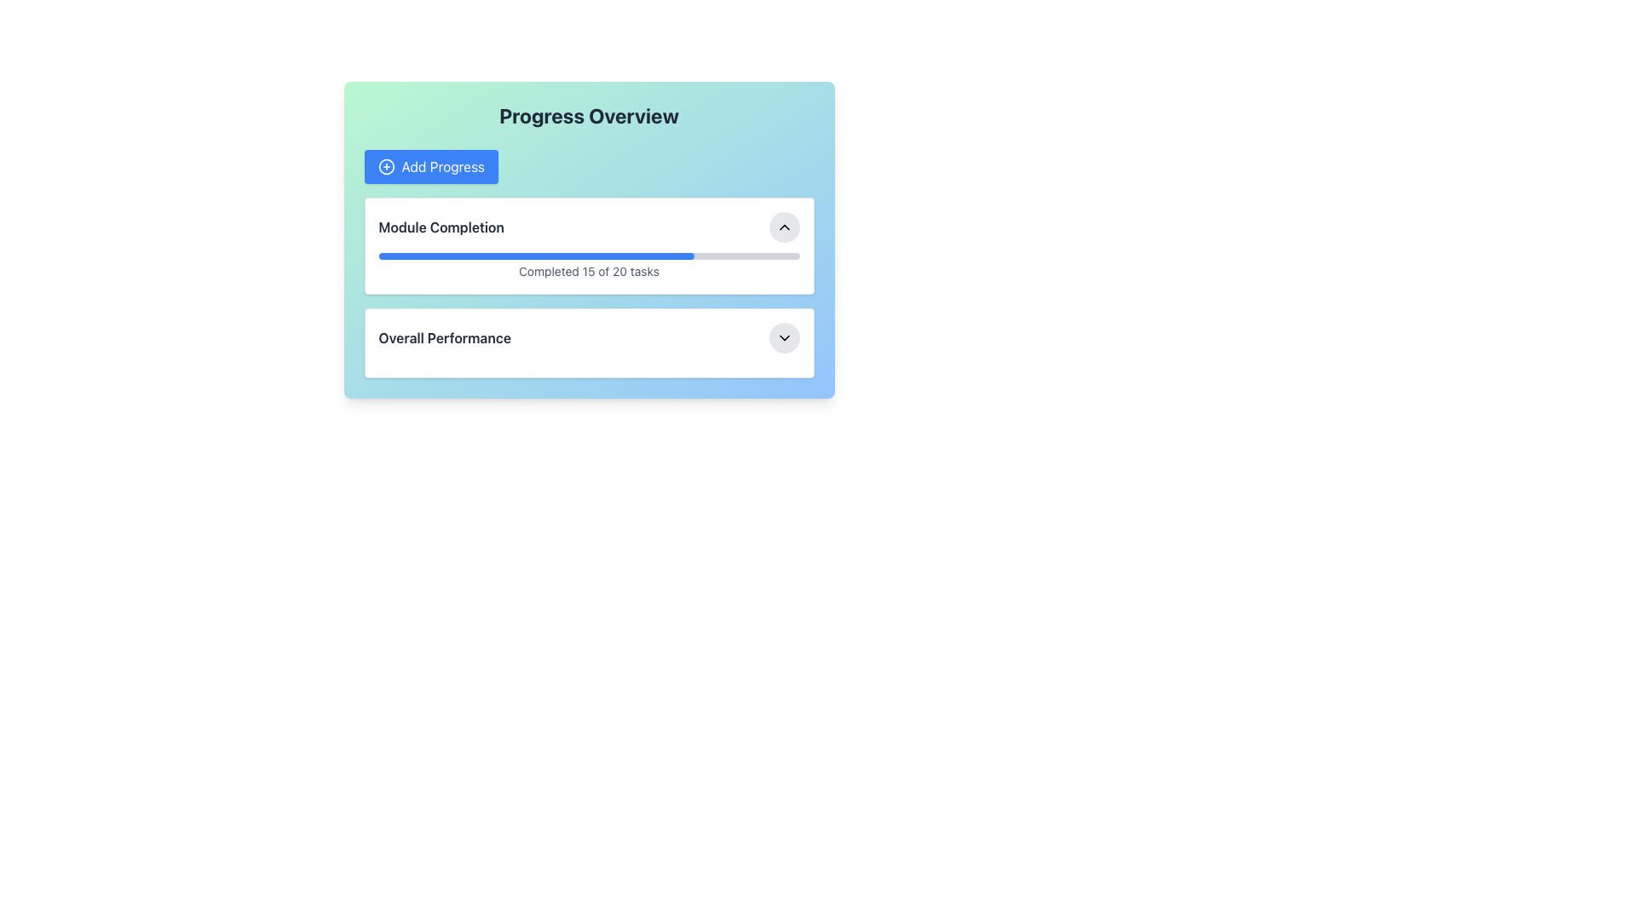 This screenshot has height=920, width=1636. What do you see at coordinates (783, 226) in the screenshot?
I see `the circular button with a light gray background and an upward-pointing chevron icon located in the 'Module Completion' section` at bounding box center [783, 226].